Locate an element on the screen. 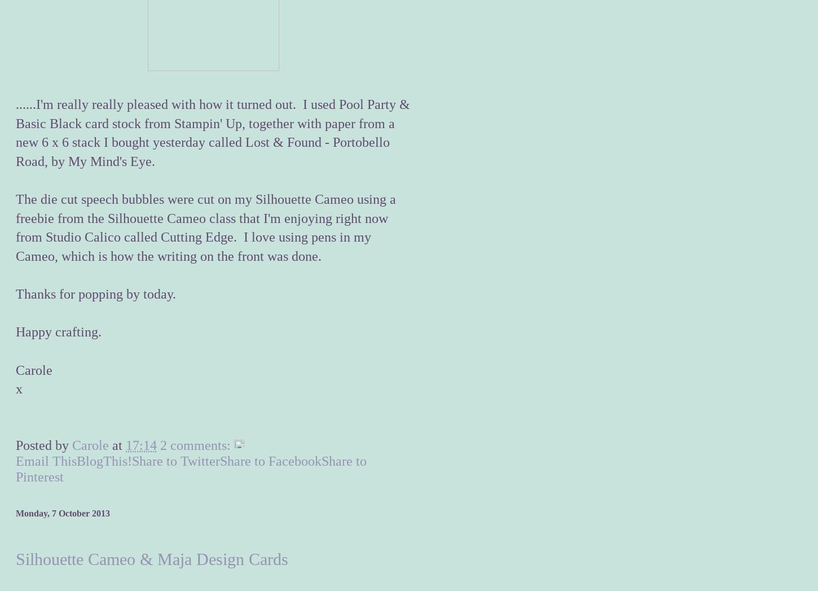 This screenshot has width=818, height=591. 'Share to Pinterest' is located at coordinates (191, 469).